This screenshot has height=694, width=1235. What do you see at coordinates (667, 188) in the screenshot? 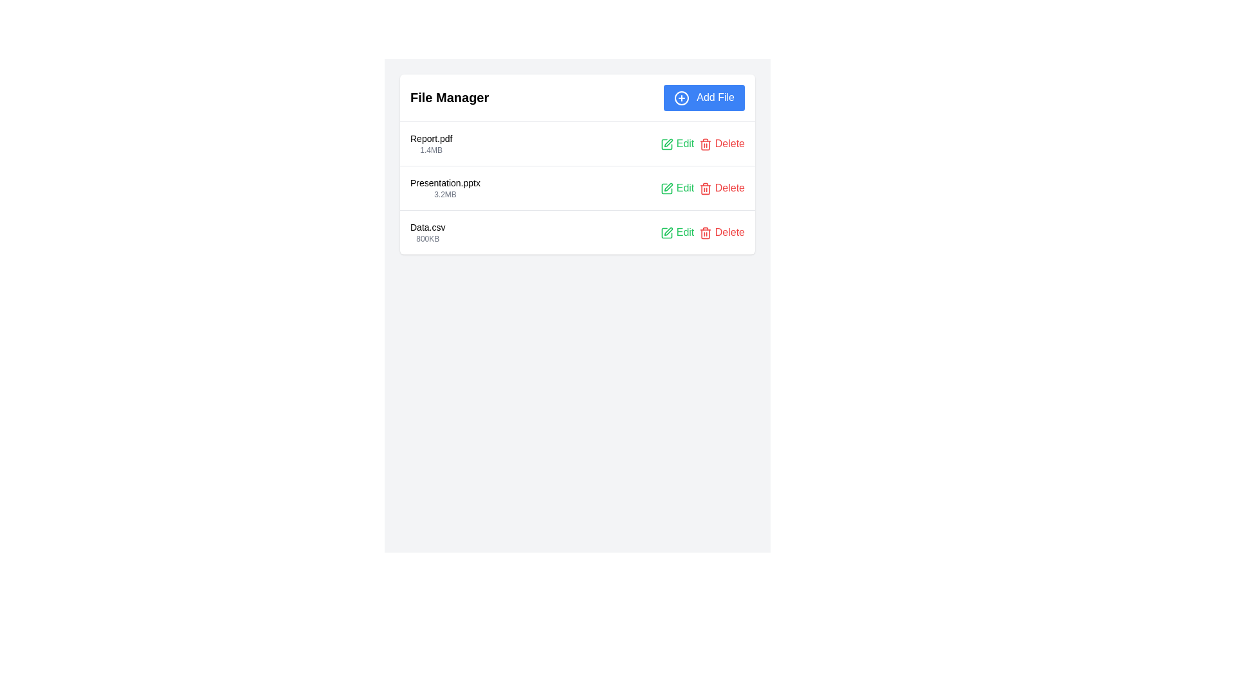
I see `the green 'Edit' icon that resembles a pen, located in the second row next to the file 'Presentation.pptx'` at bounding box center [667, 188].